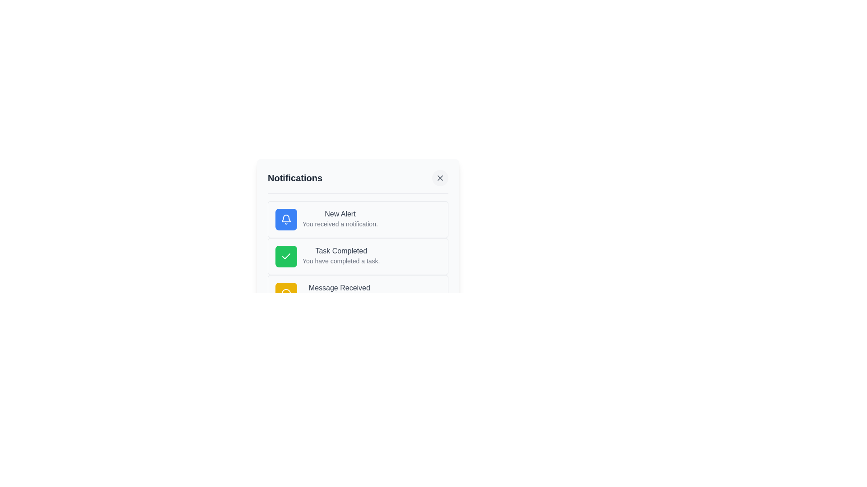 The width and height of the screenshot is (867, 487). I want to click on notification contents displayed in the second card-style notification component, which informs the user about the successful completion of a task, so click(340, 256).